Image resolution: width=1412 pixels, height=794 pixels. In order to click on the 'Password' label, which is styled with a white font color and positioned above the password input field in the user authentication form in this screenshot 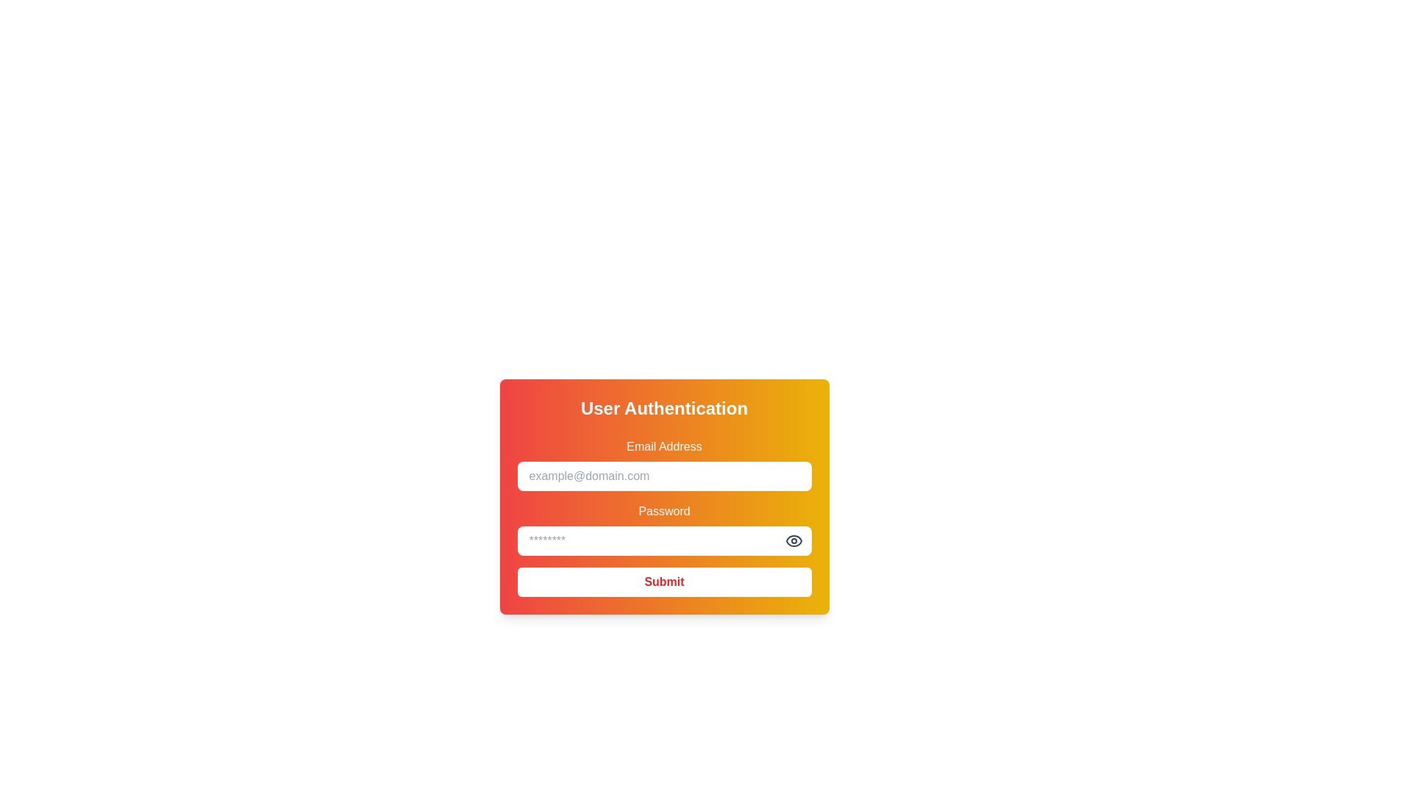, I will do `click(663, 510)`.